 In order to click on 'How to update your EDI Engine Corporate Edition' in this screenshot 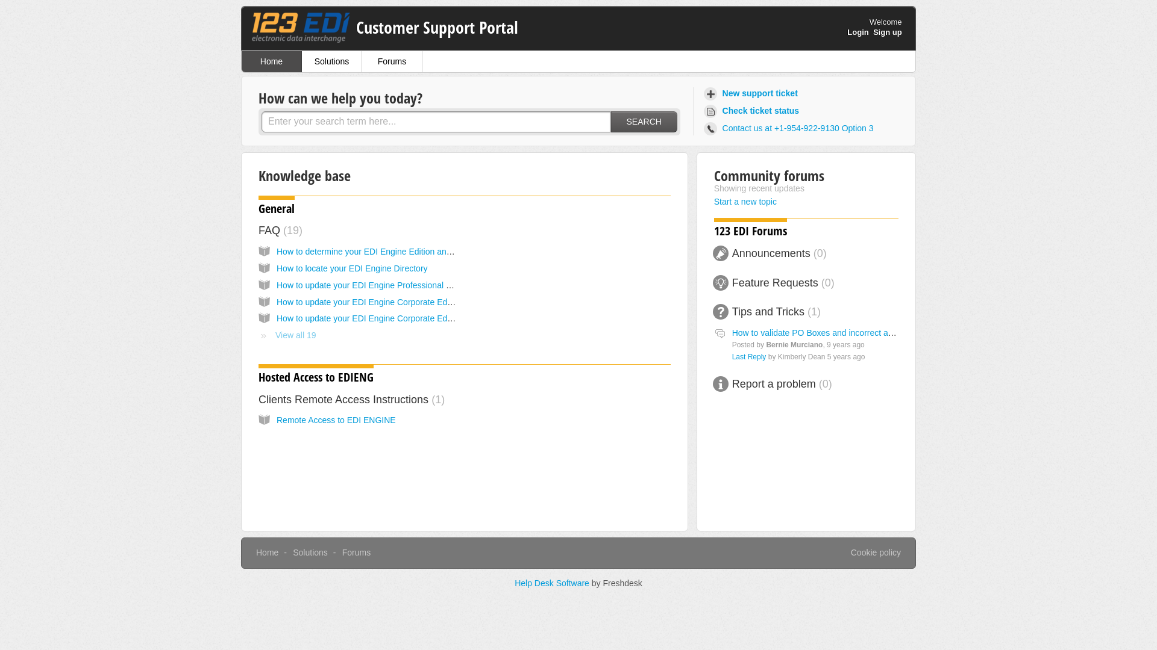, I will do `click(369, 317)`.